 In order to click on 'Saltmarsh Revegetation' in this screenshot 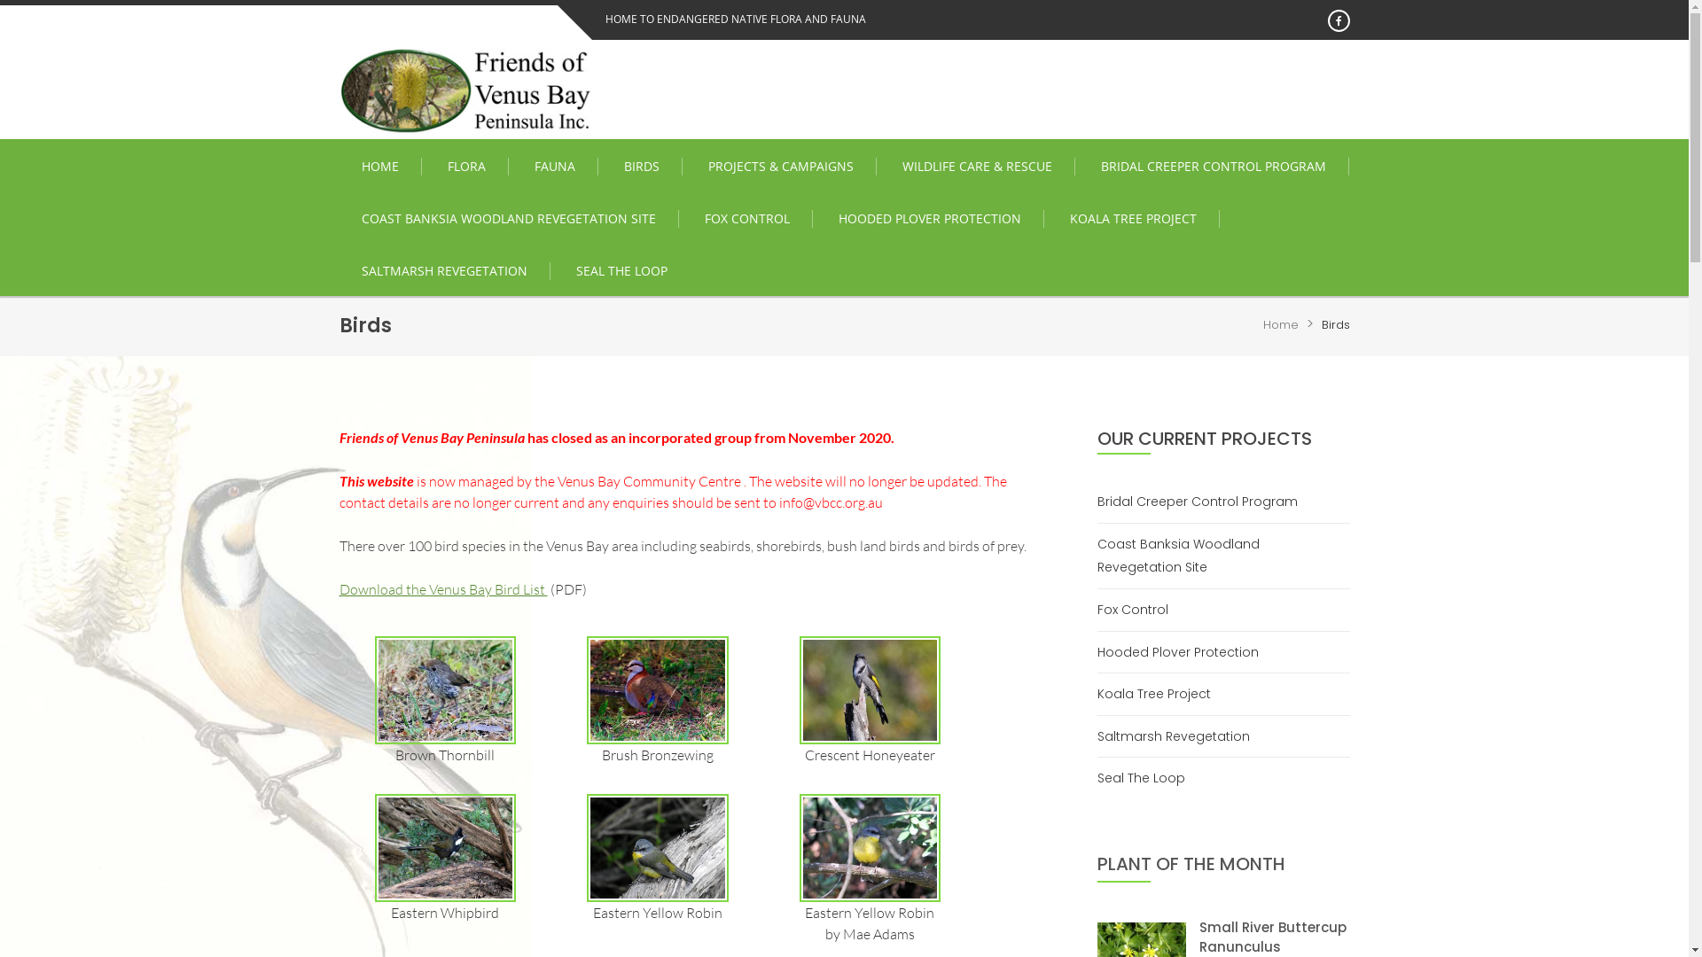, I will do `click(1180, 736)`.